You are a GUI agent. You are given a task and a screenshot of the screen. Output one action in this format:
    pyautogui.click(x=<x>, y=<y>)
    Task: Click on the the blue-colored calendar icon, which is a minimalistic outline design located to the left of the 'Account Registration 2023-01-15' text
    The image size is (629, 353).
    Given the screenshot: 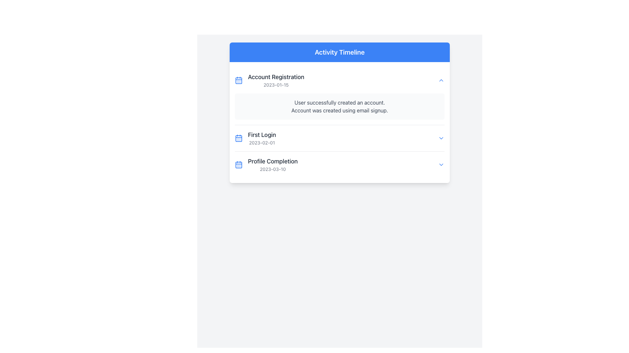 What is the action you would take?
    pyautogui.click(x=238, y=80)
    